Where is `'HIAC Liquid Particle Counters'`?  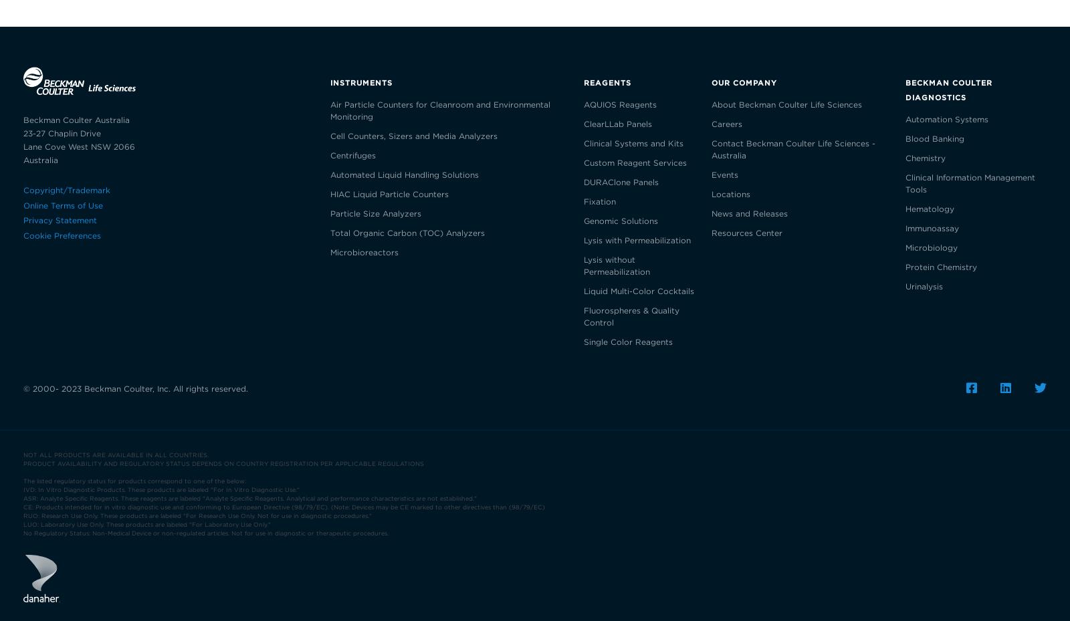 'HIAC Liquid Particle Counters' is located at coordinates (330, 193).